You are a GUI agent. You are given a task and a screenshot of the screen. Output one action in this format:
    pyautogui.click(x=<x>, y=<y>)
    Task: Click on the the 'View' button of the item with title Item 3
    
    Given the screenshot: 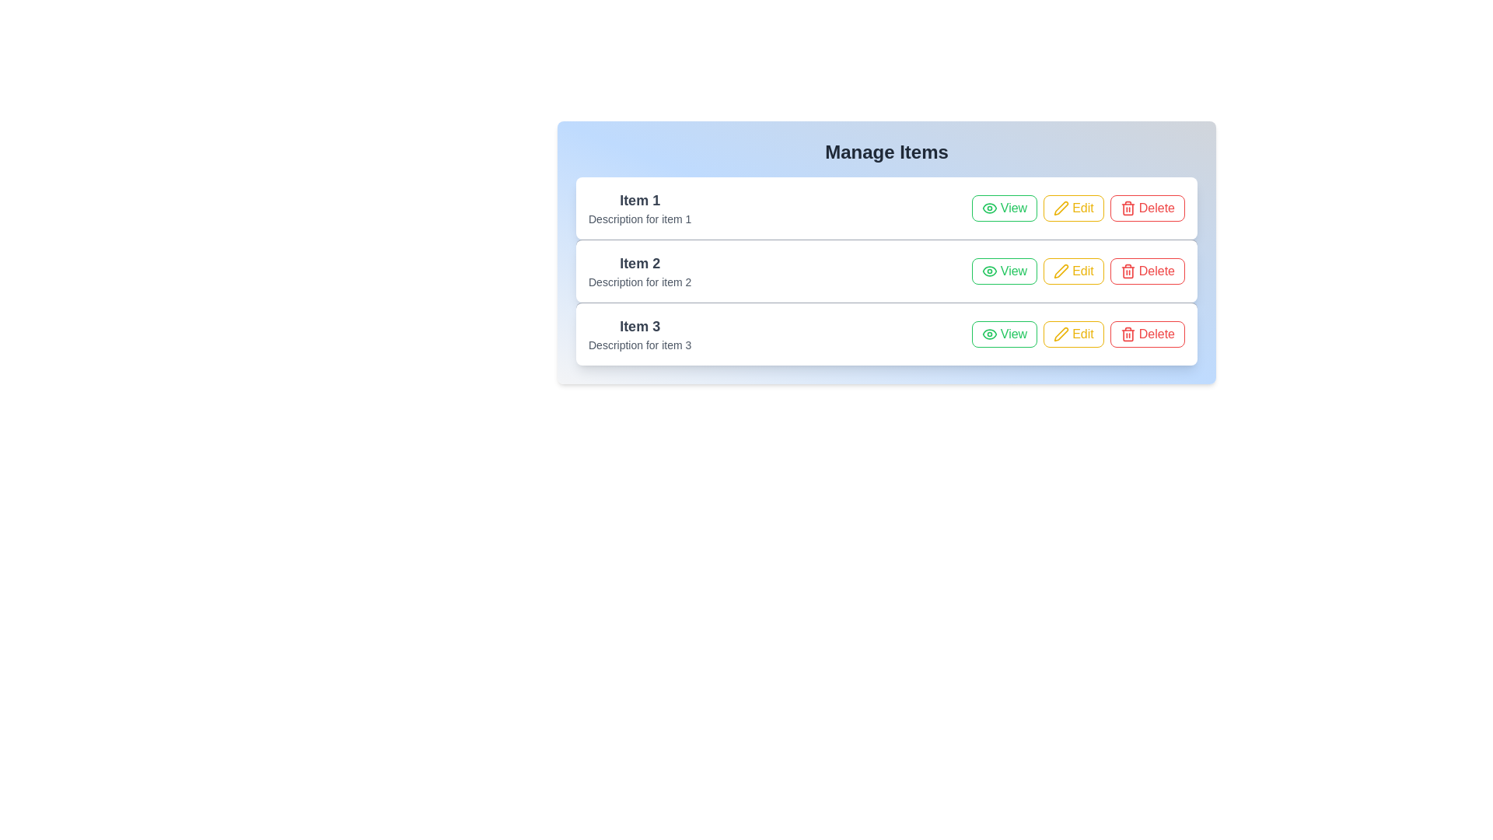 What is the action you would take?
    pyautogui.click(x=1004, y=333)
    